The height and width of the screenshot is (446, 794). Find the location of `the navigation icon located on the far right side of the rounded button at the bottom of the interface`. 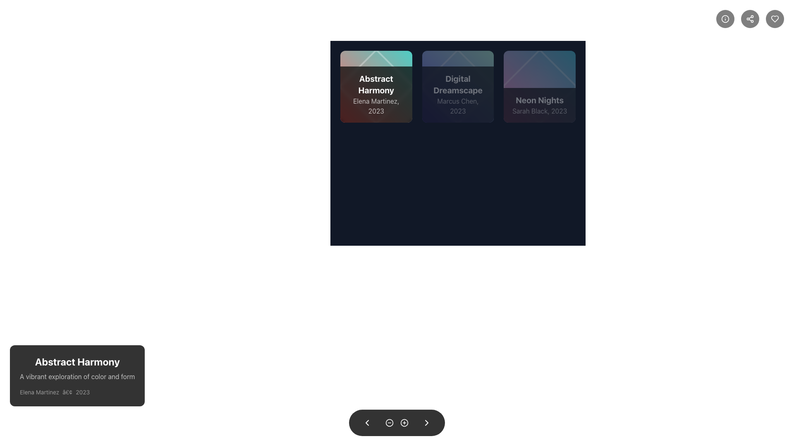

the navigation icon located on the far right side of the rounded button at the bottom of the interface is located at coordinates (427, 422).